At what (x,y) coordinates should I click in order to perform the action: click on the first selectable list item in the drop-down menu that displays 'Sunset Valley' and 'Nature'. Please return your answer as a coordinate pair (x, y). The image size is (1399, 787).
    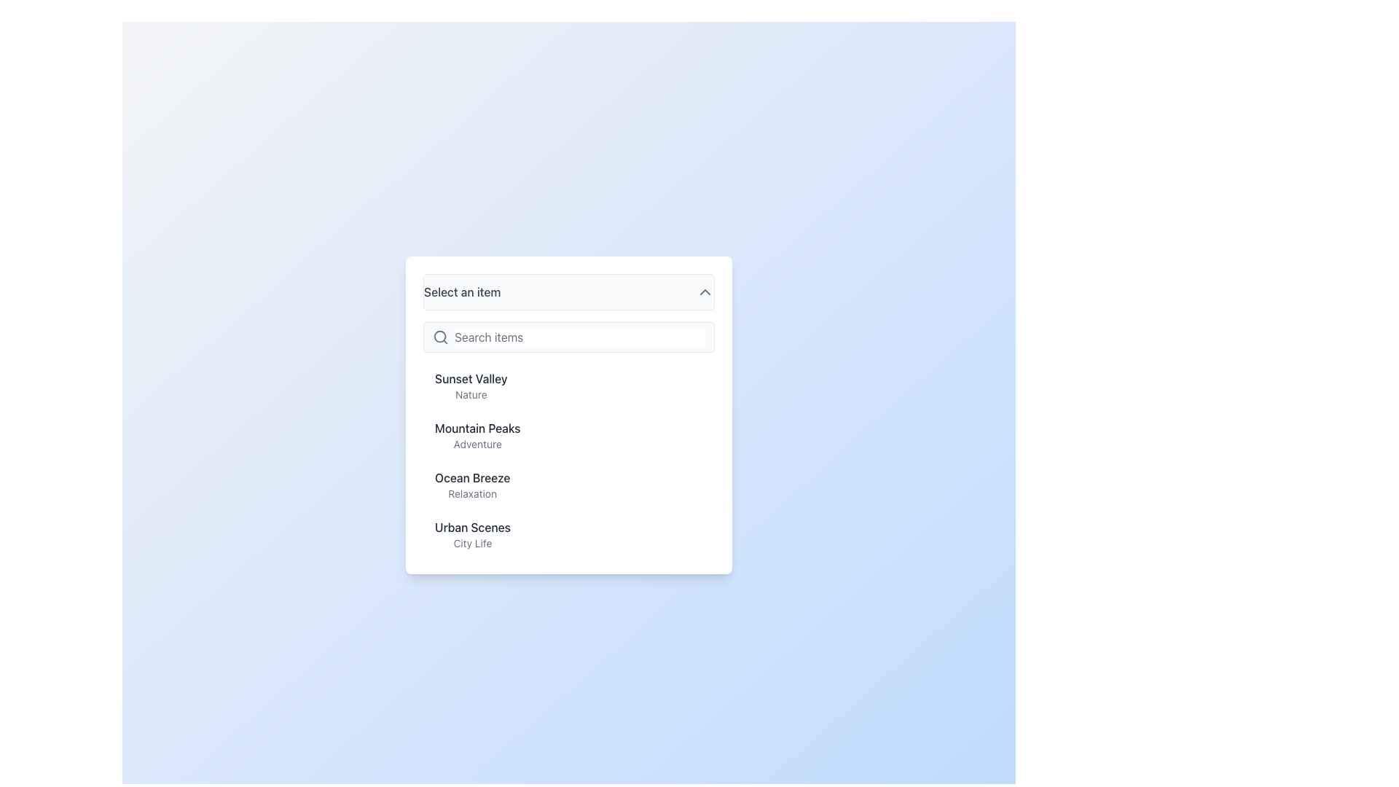
    Looking at the image, I should click on (568, 385).